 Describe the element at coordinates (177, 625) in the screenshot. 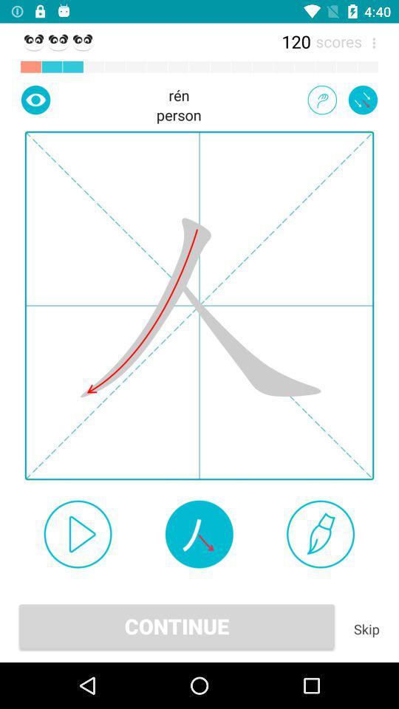

I see `the continue icon` at that location.